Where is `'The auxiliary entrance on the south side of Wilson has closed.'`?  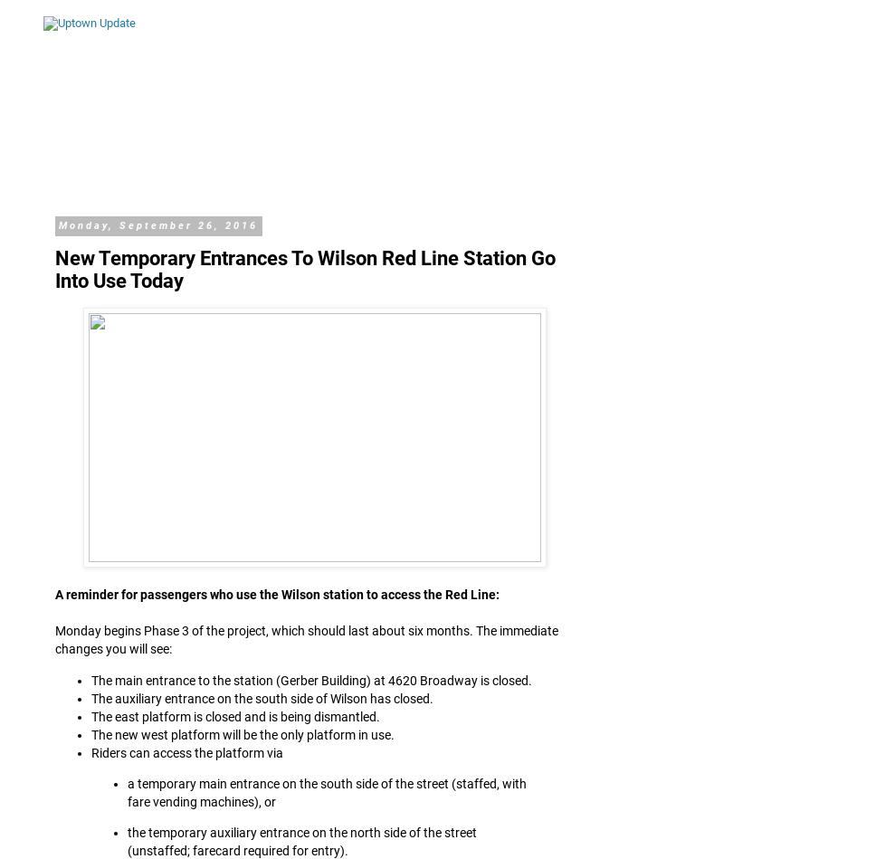
'The auxiliary entrance on the south side of Wilson has closed.' is located at coordinates (262, 697).